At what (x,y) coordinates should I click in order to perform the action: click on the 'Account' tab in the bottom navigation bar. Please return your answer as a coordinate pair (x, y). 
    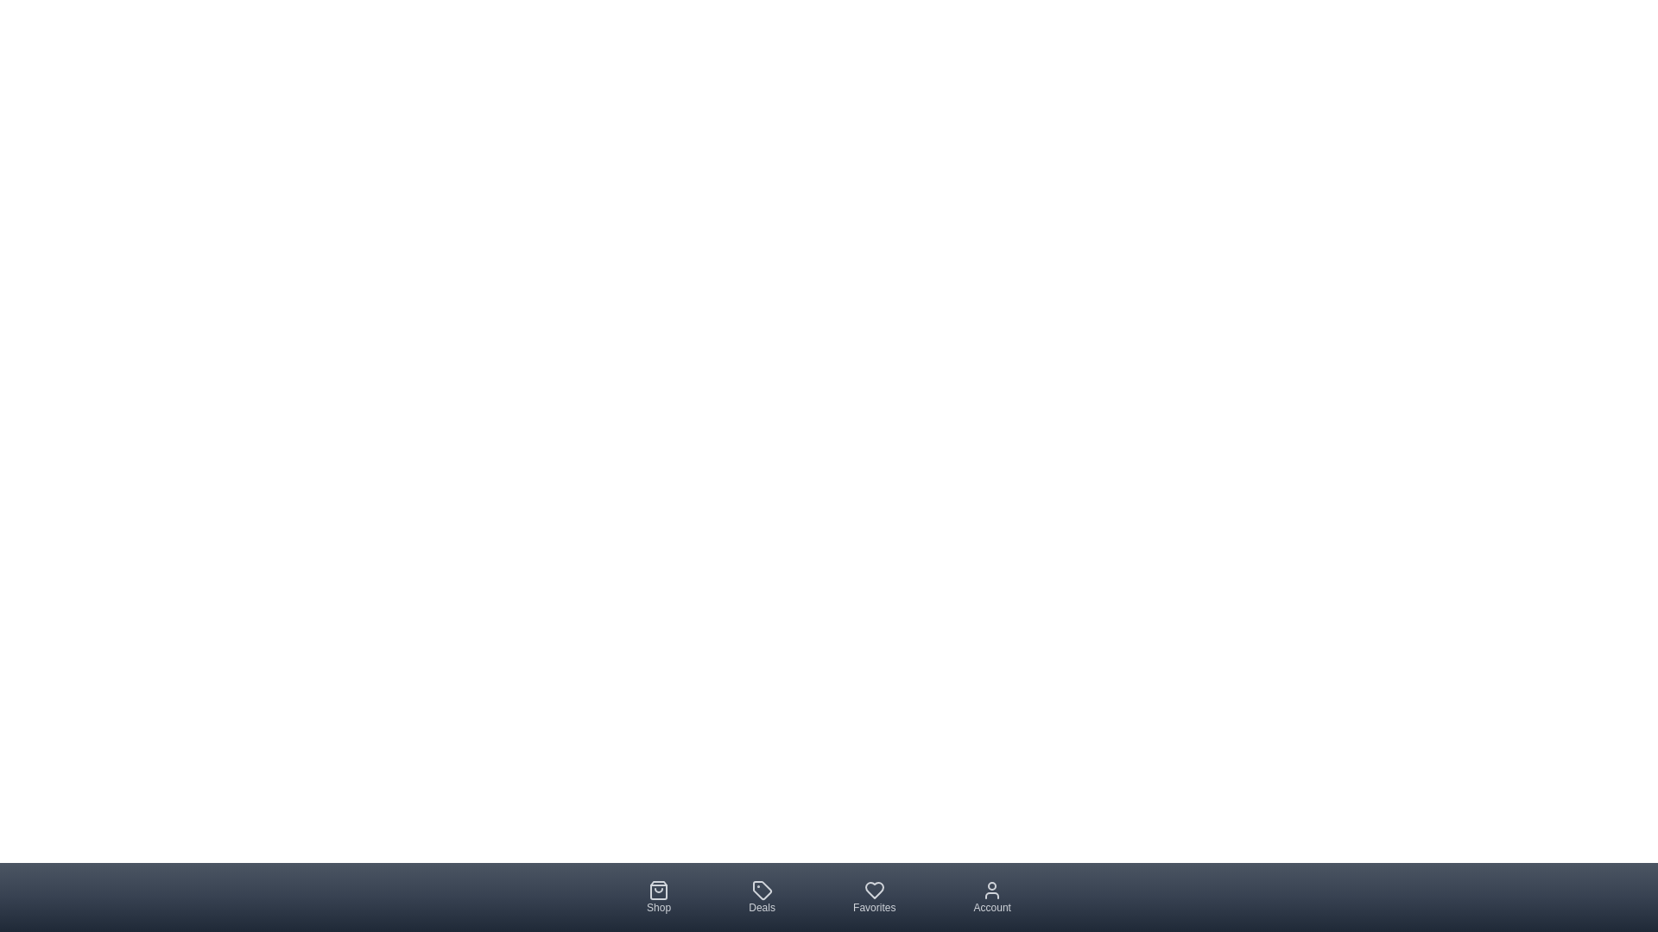
    Looking at the image, I should click on (991, 897).